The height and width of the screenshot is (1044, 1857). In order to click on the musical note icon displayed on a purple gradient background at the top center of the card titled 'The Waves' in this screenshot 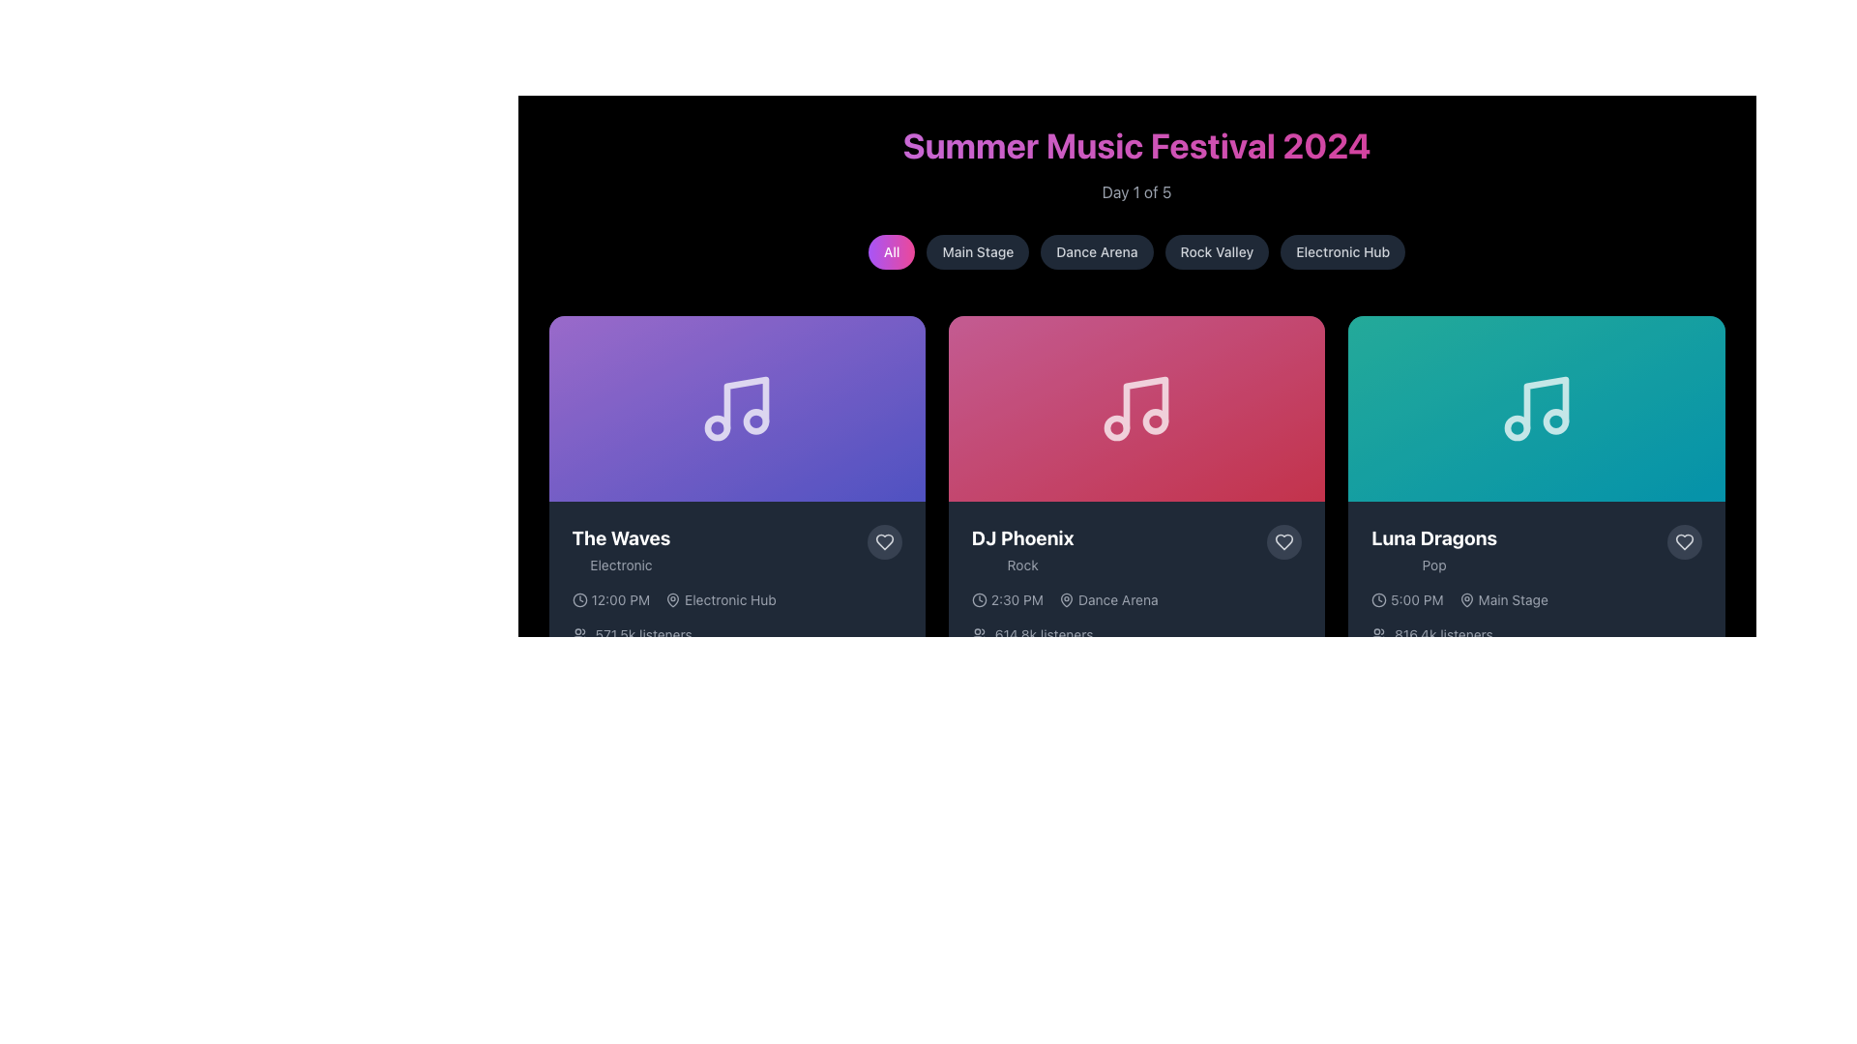, I will do `click(736, 408)`.